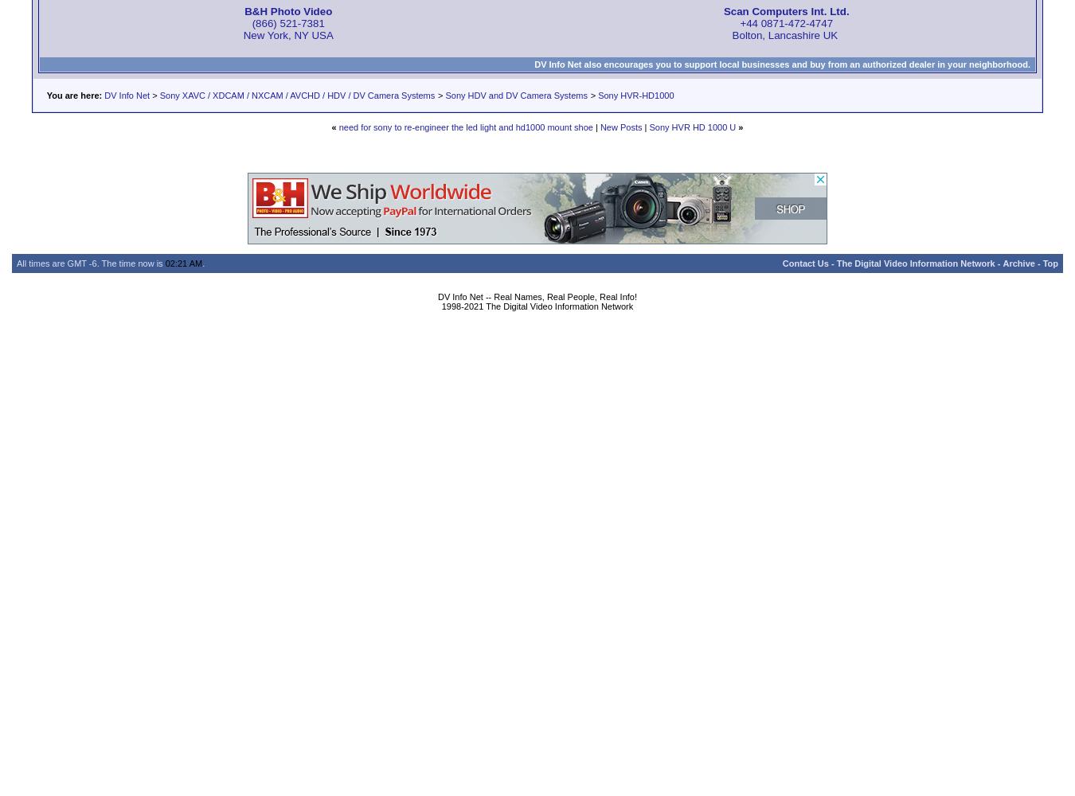 The image size is (1075, 796). I want to click on 'All times are GMT -6. The time now is', so click(90, 263).